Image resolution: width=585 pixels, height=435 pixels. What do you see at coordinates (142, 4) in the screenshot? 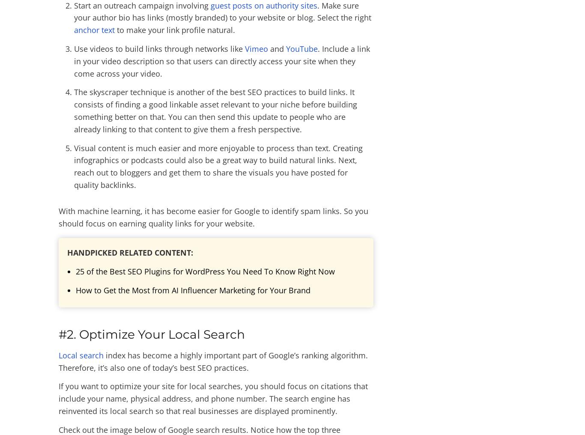
I see `'Start an outreach campaign involving'` at bounding box center [142, 4].